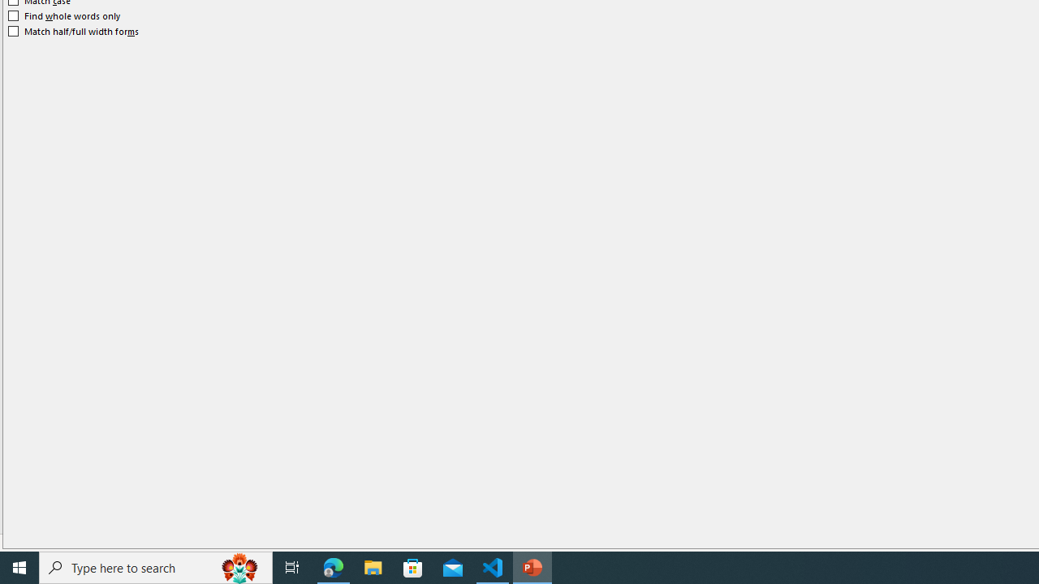 The width and height of the screenshot is (1039, 584). What do you see at coordinates (73, 31) in the screenshot?
I see `'Match half/full width forms'` at bounding box center [73, 31].